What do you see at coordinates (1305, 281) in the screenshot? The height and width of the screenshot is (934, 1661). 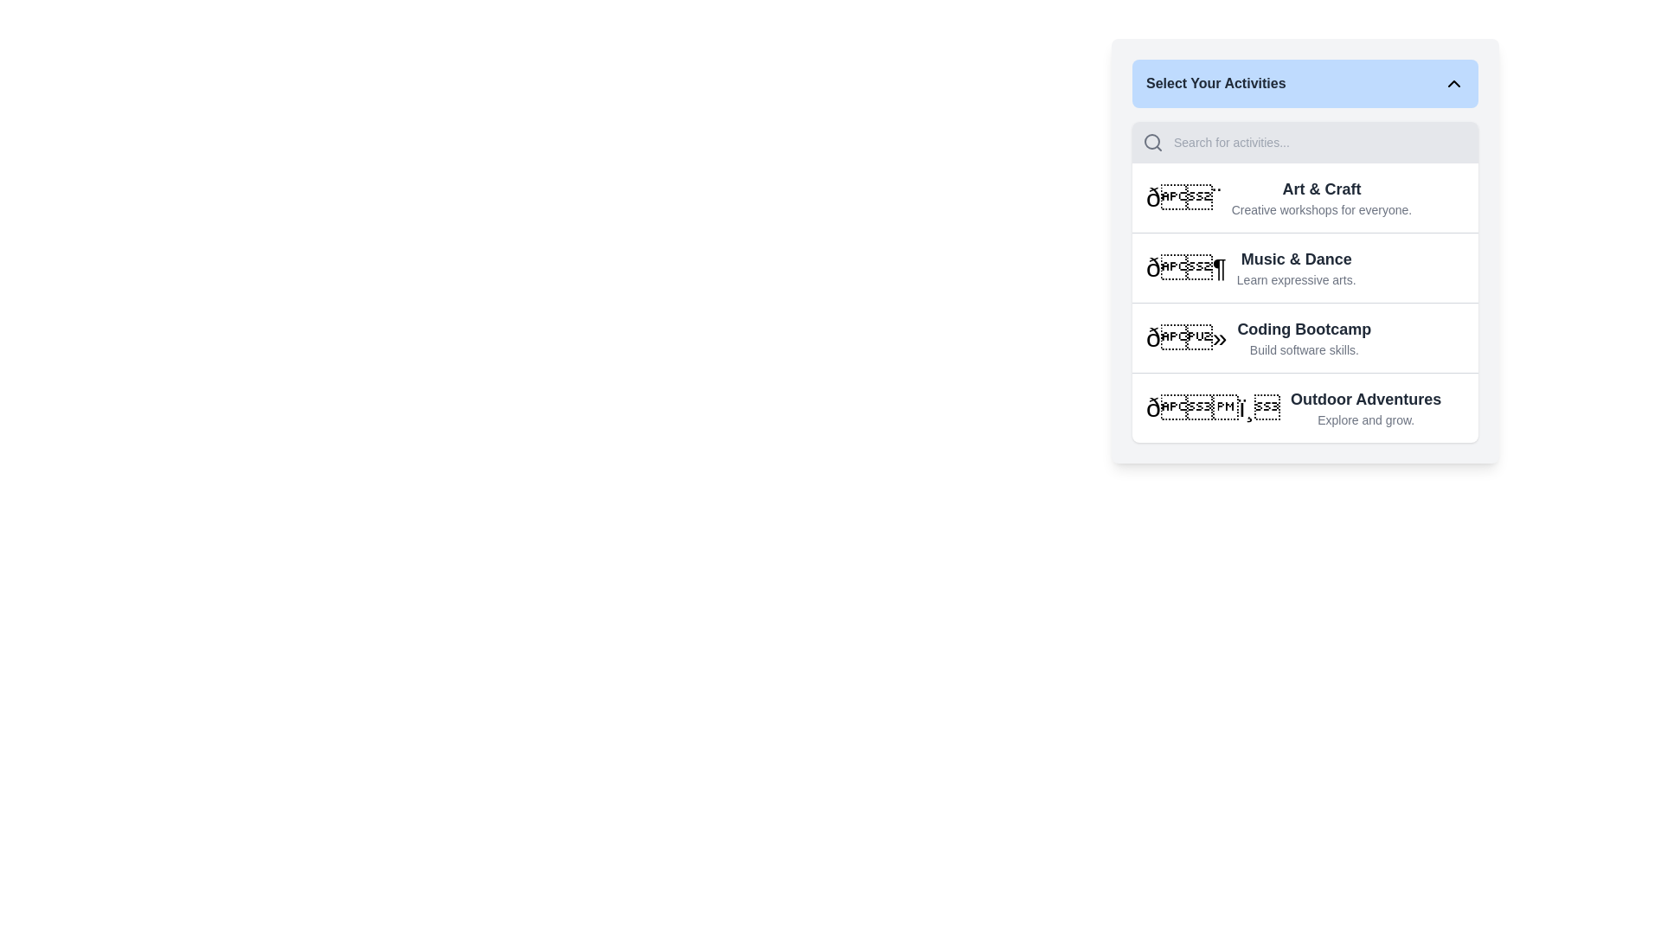 I see `the interactive menu section with a white background and rounded corners, located below the blue header labeled 'Select Your Activities'` at bounding box center [1305, 281].